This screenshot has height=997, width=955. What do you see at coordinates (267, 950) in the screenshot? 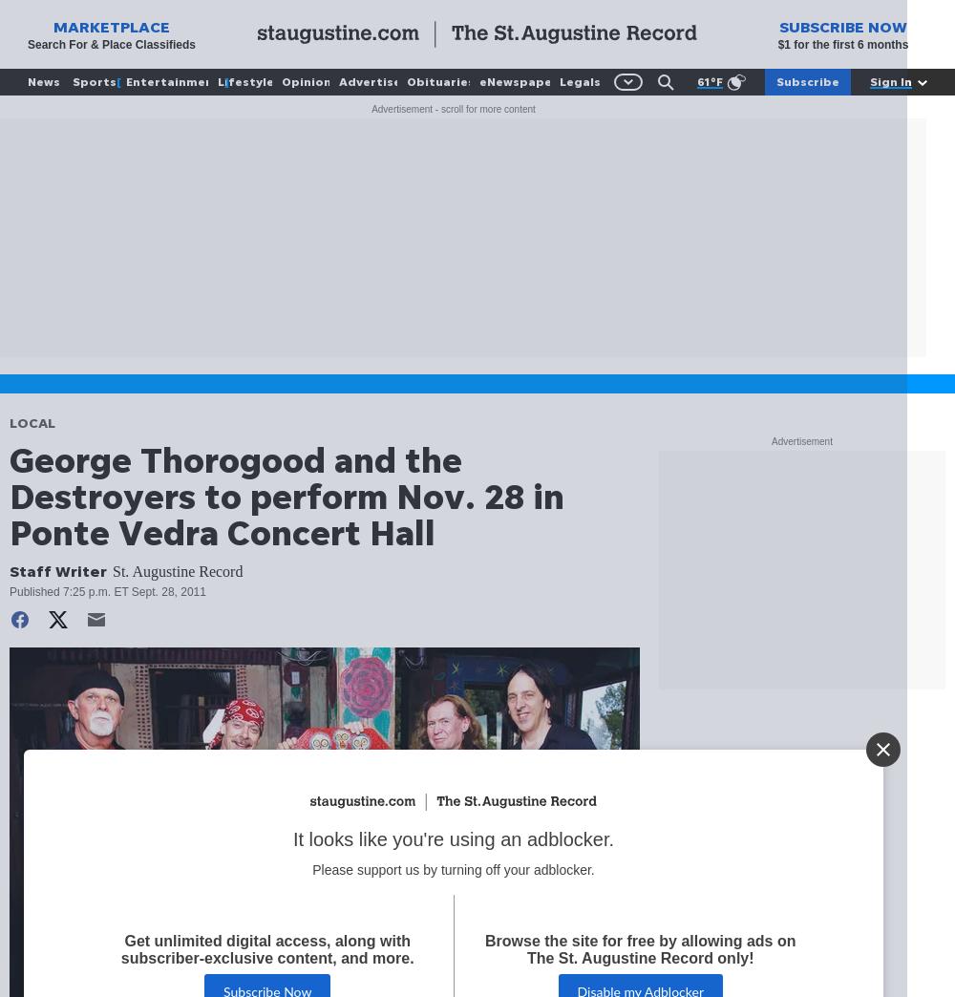
I see `'Get unlimited digital access, along with subscriber-exclusive content, and more.'` at bounding box center [267, 950].